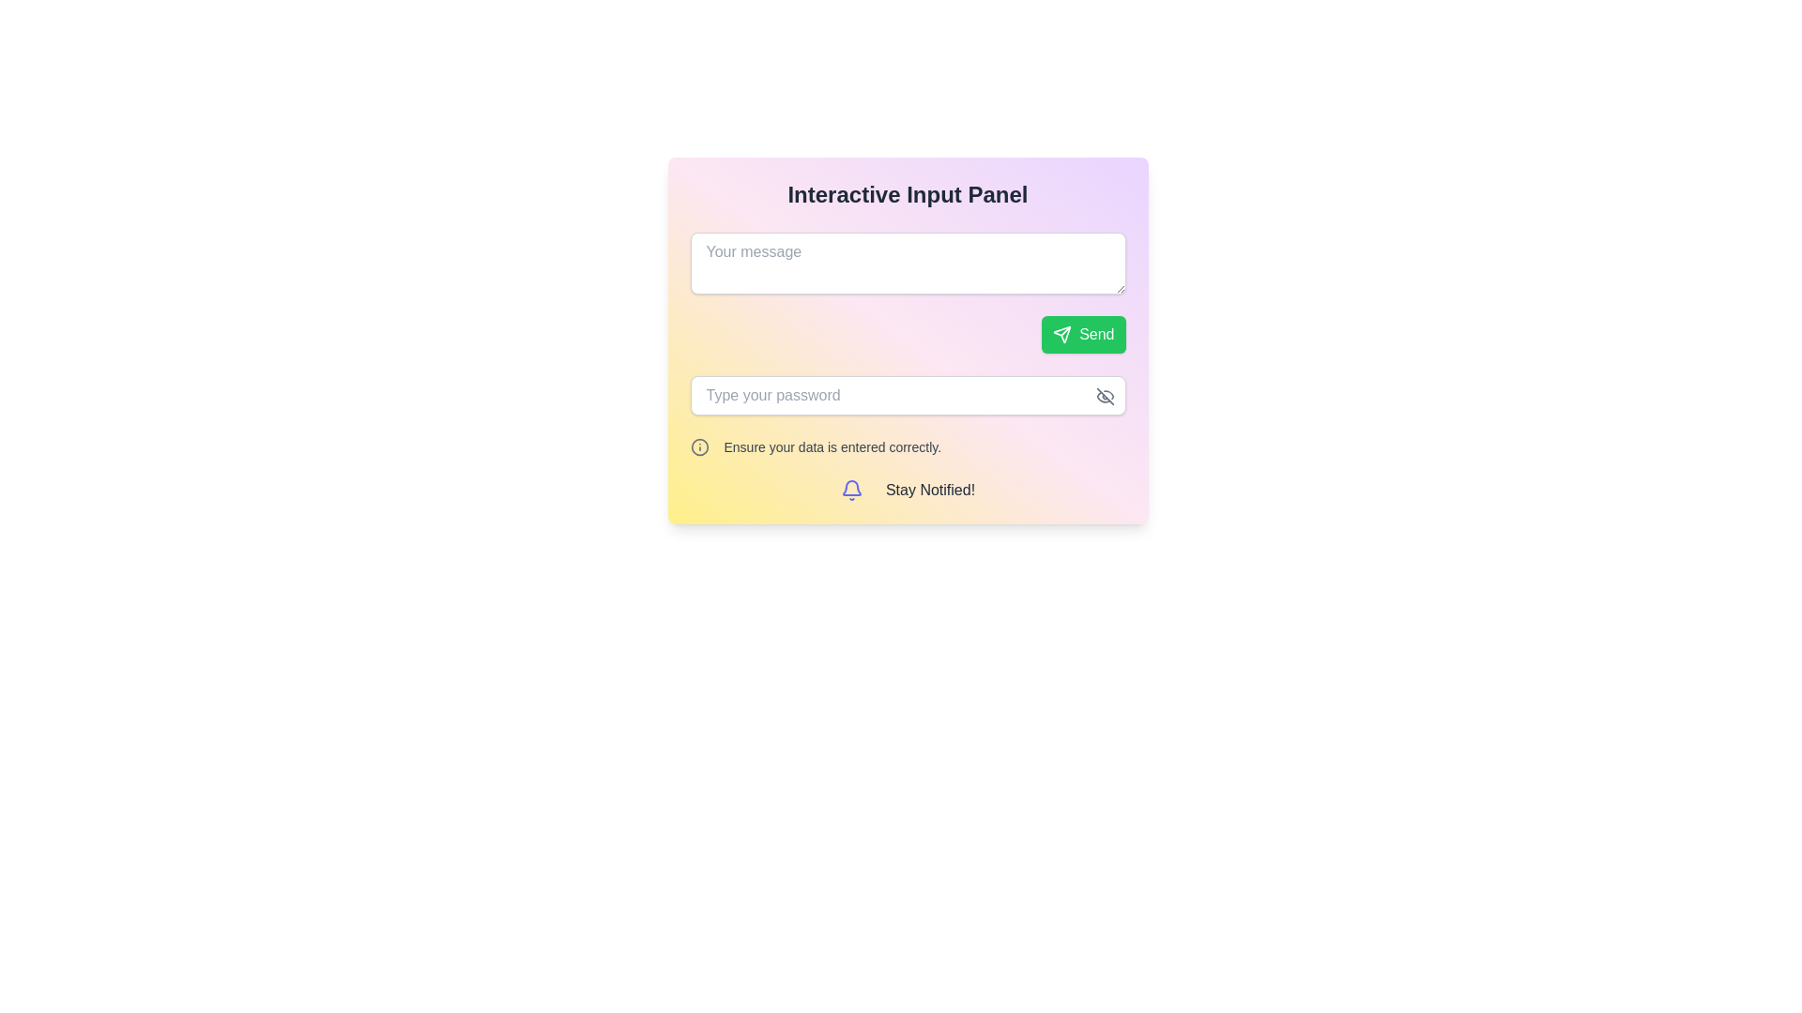  What do you see at coordinates (908, 394) in the screenshot?
I see `to focus the Password input field located below the 'Your message' field and the 'Send' button in the 'Interactive Input Panel'` at bounding box center [908, 394].